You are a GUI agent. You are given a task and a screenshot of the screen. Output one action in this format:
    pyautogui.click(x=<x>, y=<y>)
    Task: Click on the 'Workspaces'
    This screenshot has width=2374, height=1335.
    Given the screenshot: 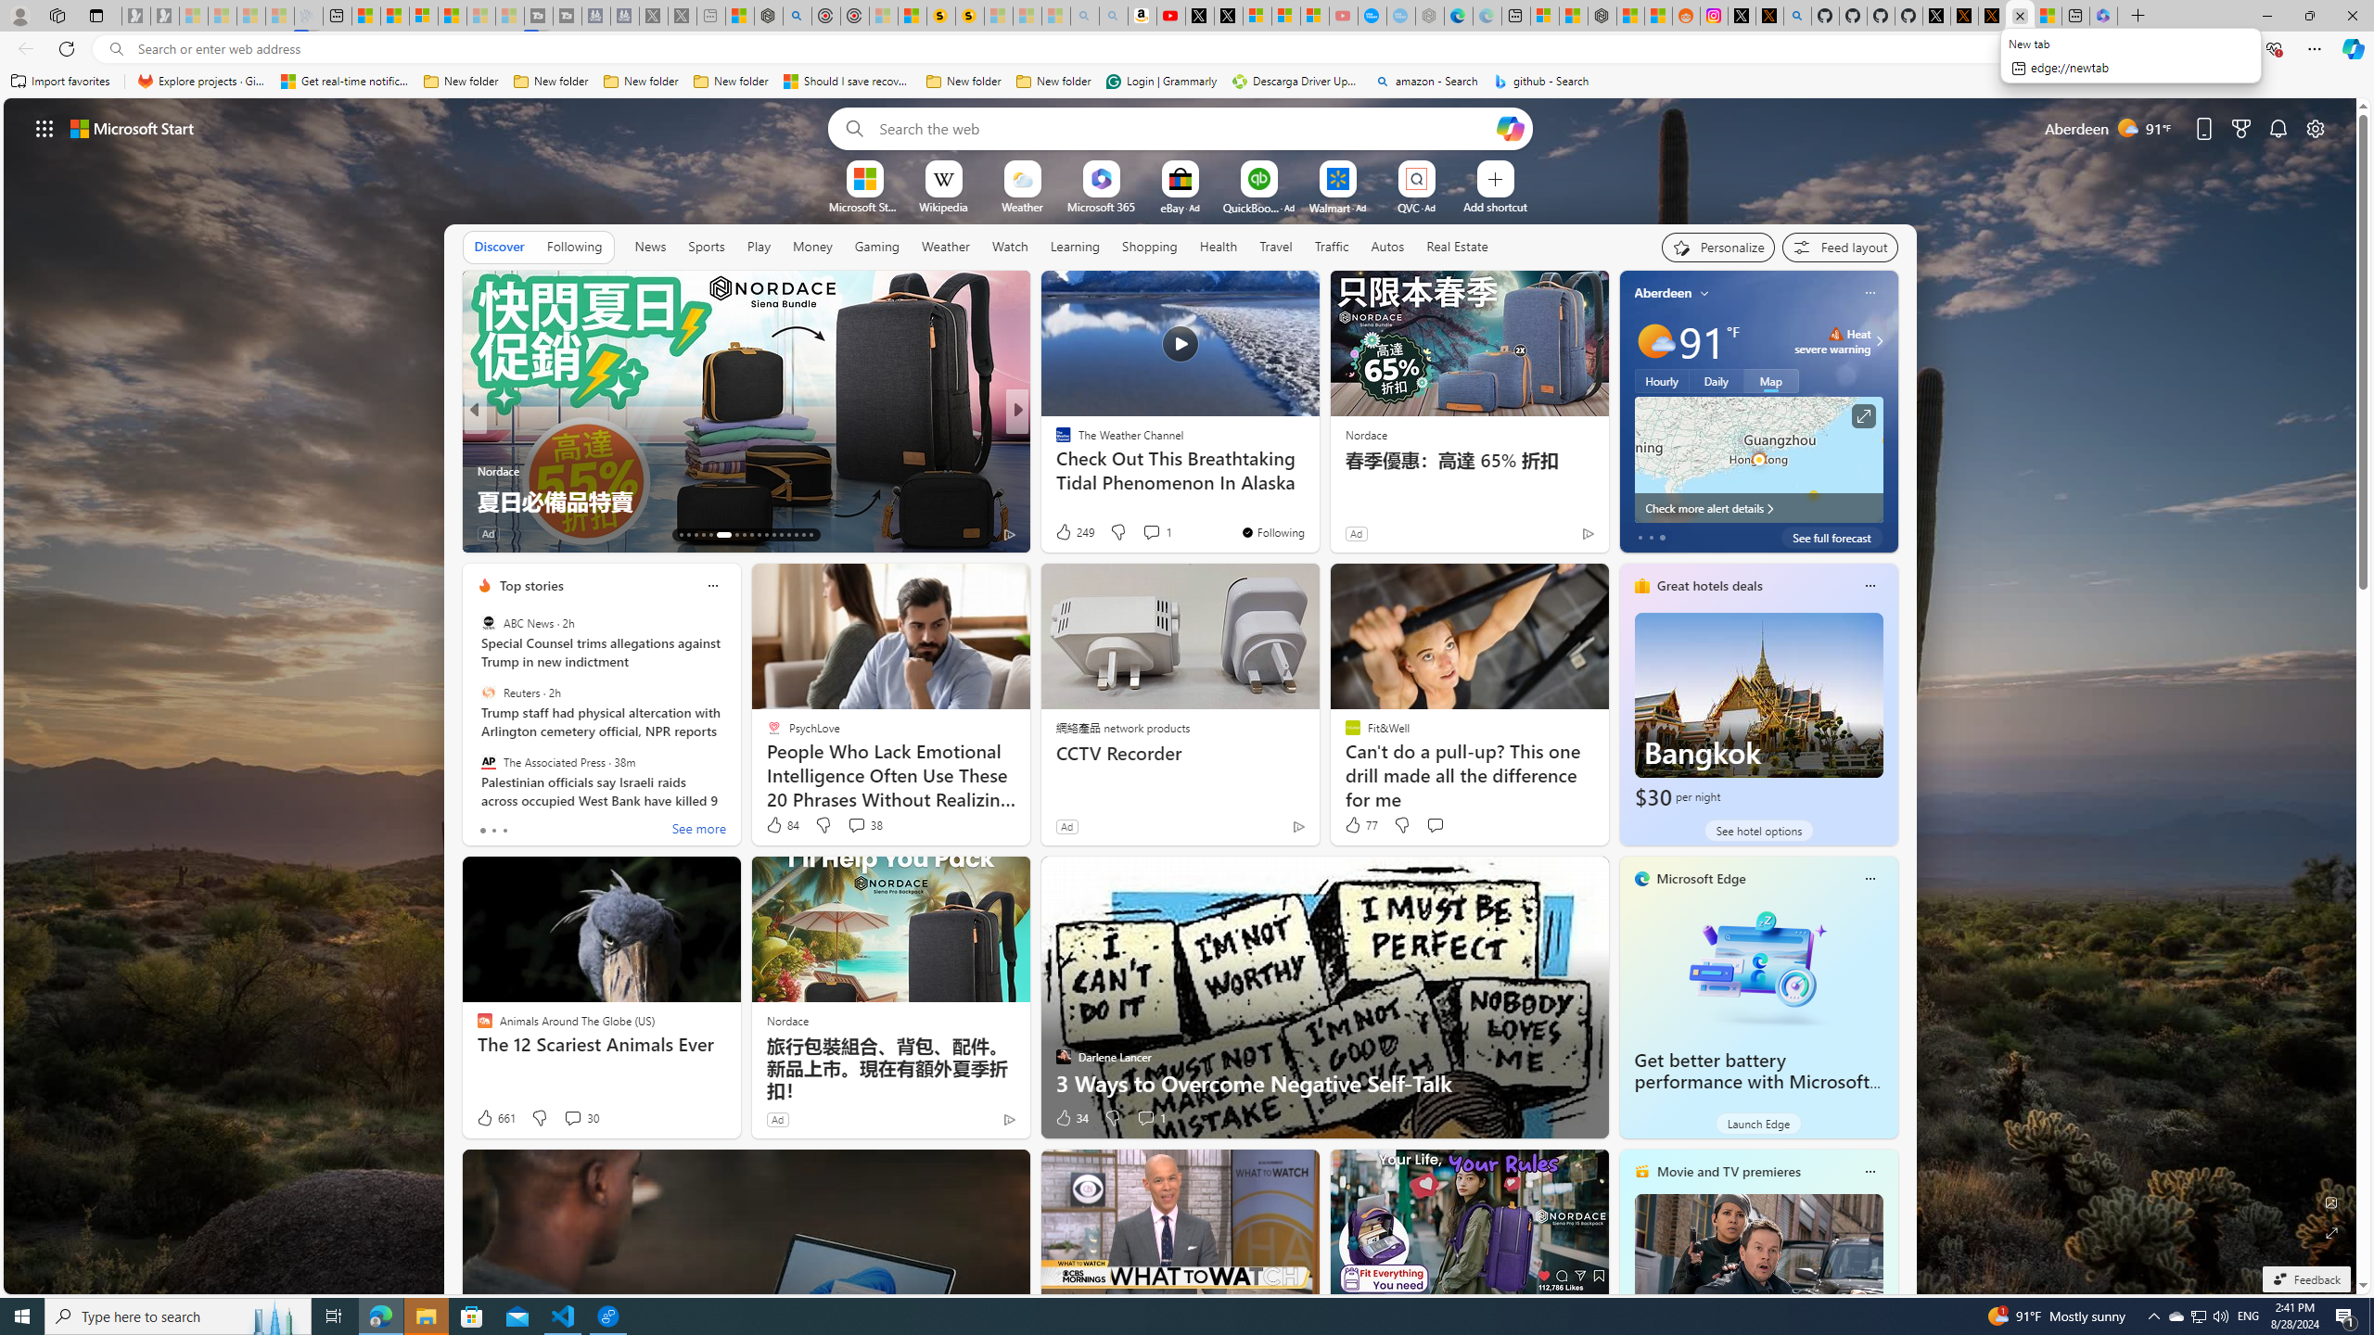 What is the action you would take?
    pyautogui.click(x=57, y=15)
    